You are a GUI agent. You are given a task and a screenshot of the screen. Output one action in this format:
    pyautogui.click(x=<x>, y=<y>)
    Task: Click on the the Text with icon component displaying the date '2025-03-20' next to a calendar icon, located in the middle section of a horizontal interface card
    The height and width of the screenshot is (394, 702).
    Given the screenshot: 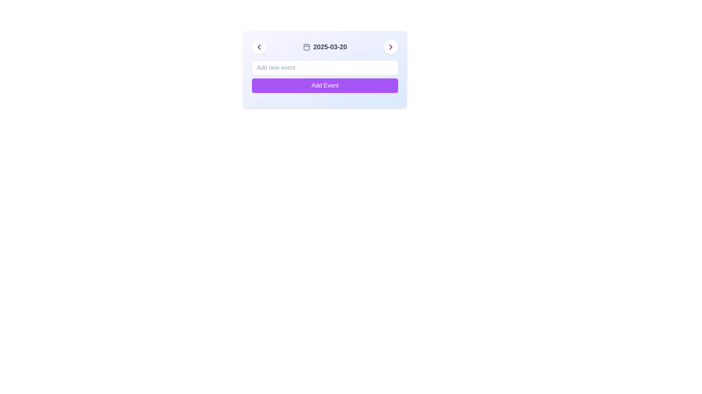 What is the action you would take?
    pyautogui.click(x=324, y=47)
    